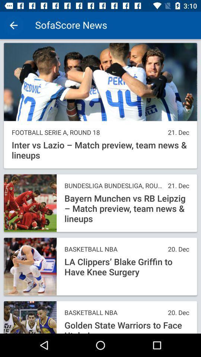 This screenshot has width=201, height=357. What do you see at coordinates (114, 185) in the screenshot?
I see `item to the left of the 21. dec icon` at bounding box center [114, 185].